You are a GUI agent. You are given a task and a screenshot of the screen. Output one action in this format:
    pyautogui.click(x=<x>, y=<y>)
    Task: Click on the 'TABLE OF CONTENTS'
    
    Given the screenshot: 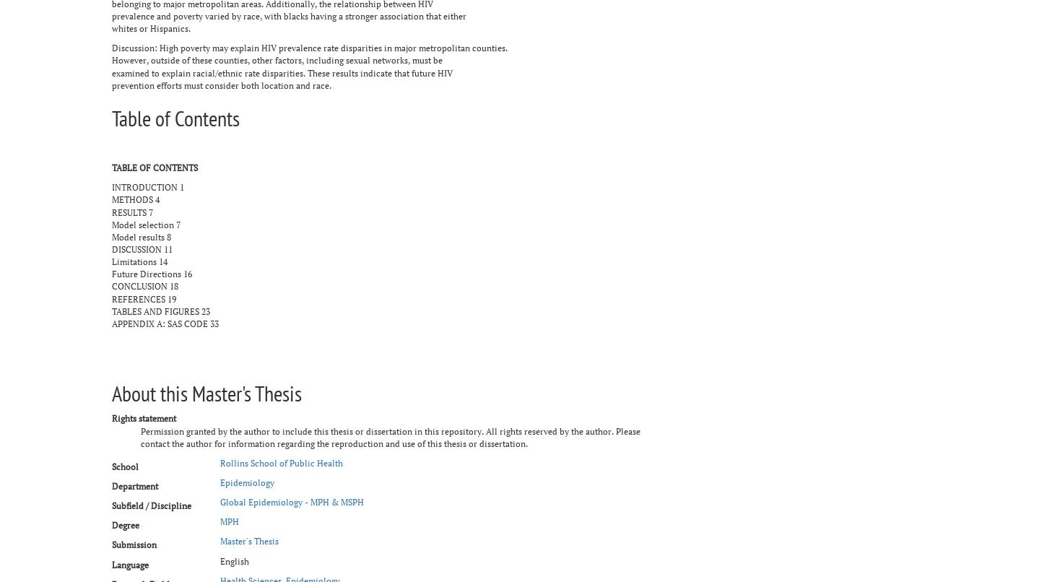 What is the action you would take?
    pyautogui.click(x=154, y=167)
    